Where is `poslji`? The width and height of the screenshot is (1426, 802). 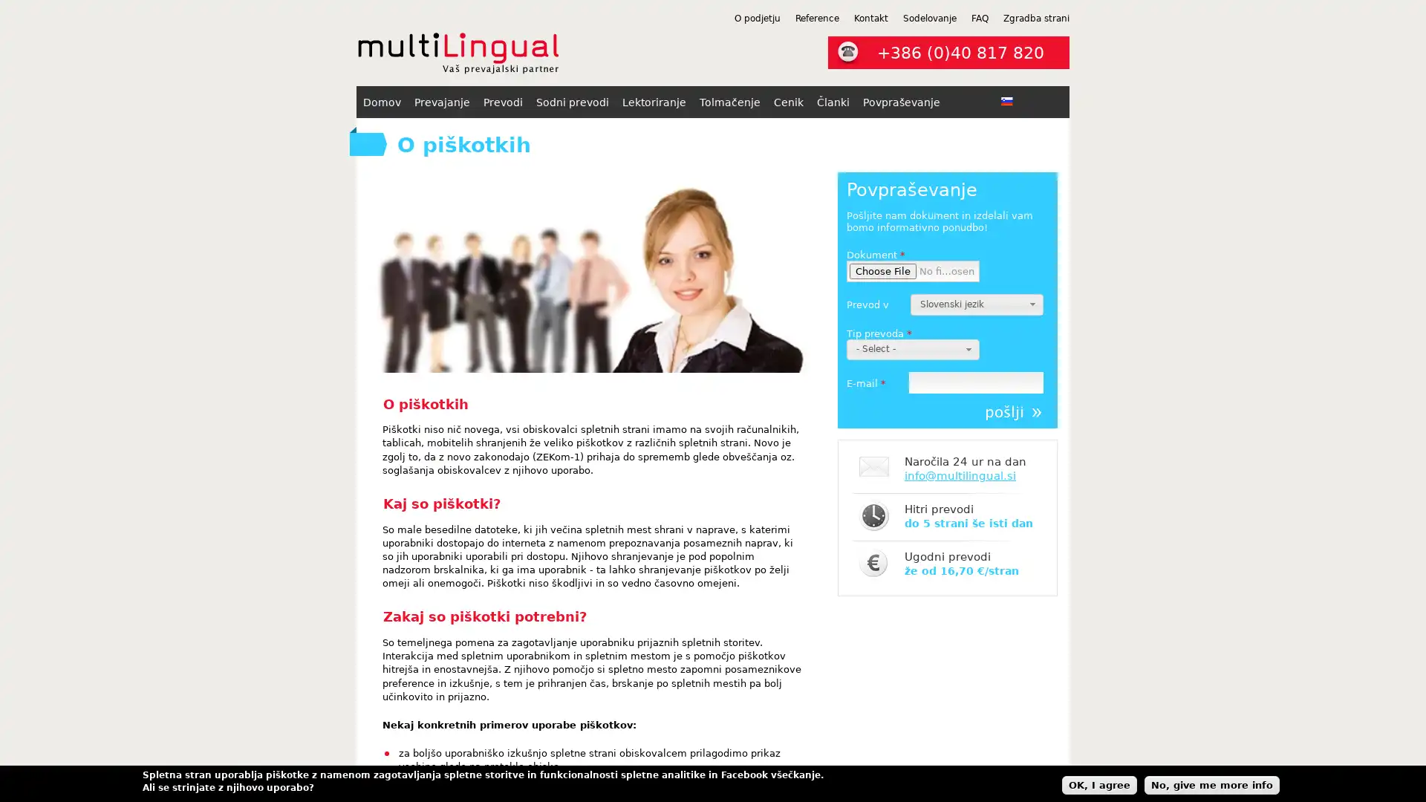 poslji is located at coordinates (1012, 412).